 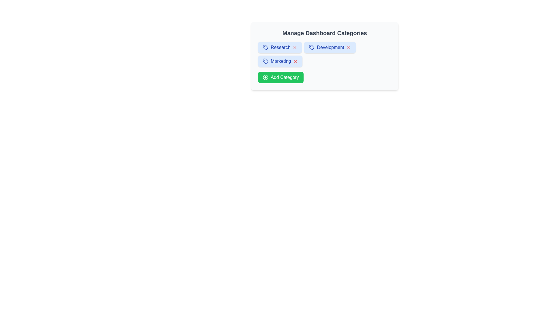 What do you see at coordinates (296, 61) in the screenshot?
I see `'X' icon on the chip corresponding to the category Marketing` at bounding box center [296, 61].